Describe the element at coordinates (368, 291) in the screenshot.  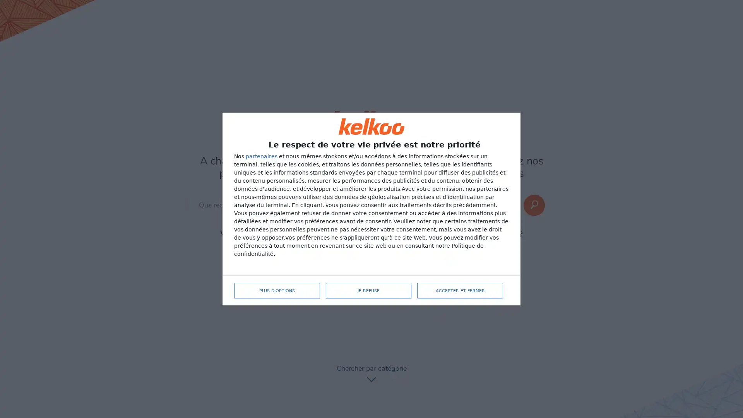
I see `JE REFUSE` at that location.